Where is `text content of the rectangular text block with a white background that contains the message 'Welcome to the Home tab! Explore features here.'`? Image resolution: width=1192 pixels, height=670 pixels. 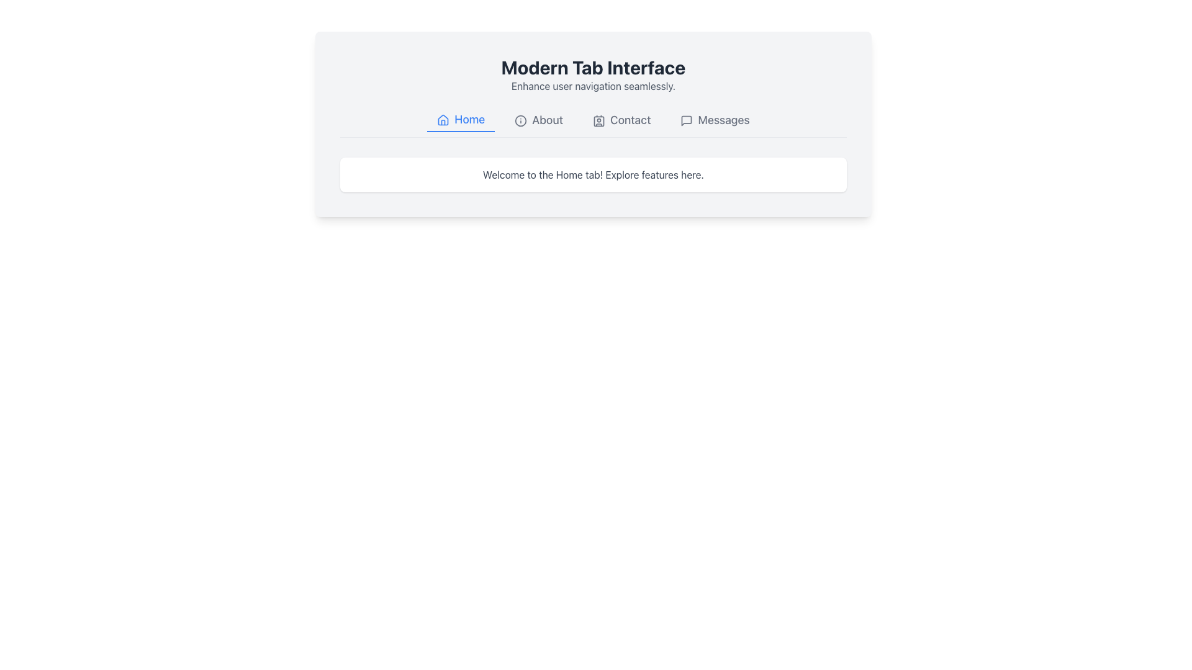
text content of the rectangular text block with a white background that contains the message 'Welcome to the Home tab! Explore features here.' is located at coordinates (592, 174).